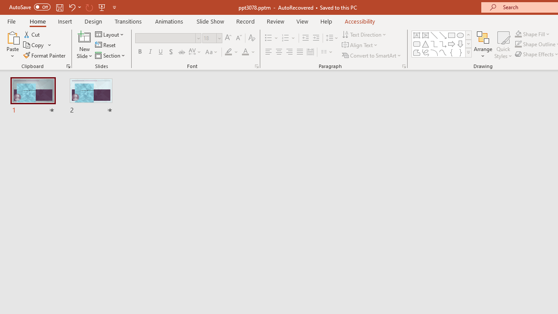 This screenshot has width=558, height=314. What do you see at coordinates (212, 38) in the screenshot?
I see `'Font Size'` at bounding box center [212, 38].